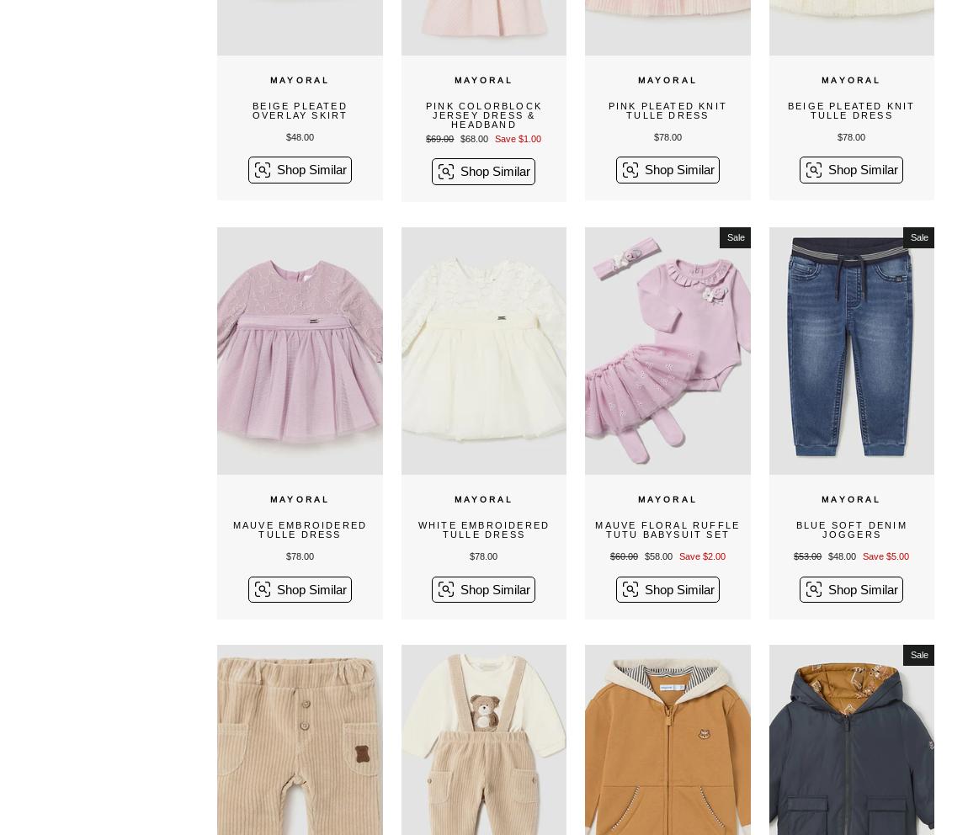 This screenshot has width=968, height=835. What do you see at coordinates (850, 529) in the screenshot?
I see `'Blue Soft Denim Joggers'` at bounding box center [850, 529].